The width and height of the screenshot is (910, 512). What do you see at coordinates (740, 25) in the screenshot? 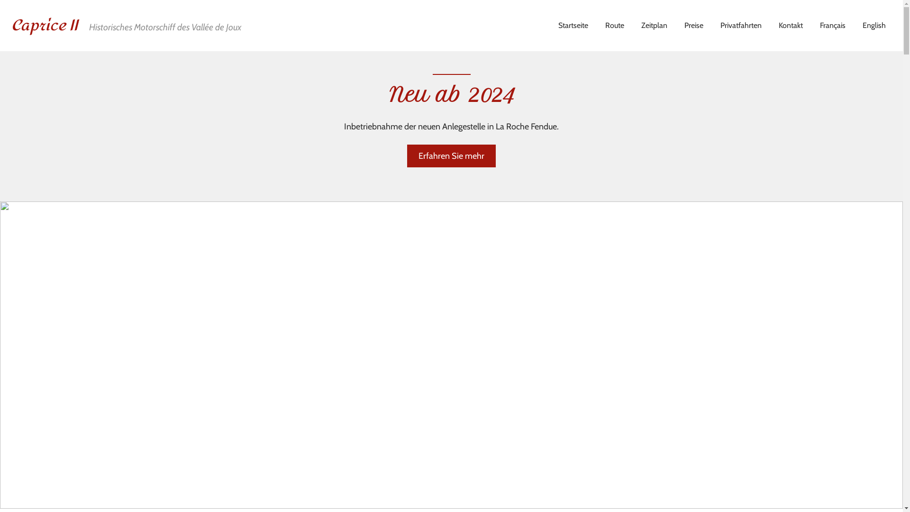
I see `'Privatfahrten'` at bounding box center [740, 25].